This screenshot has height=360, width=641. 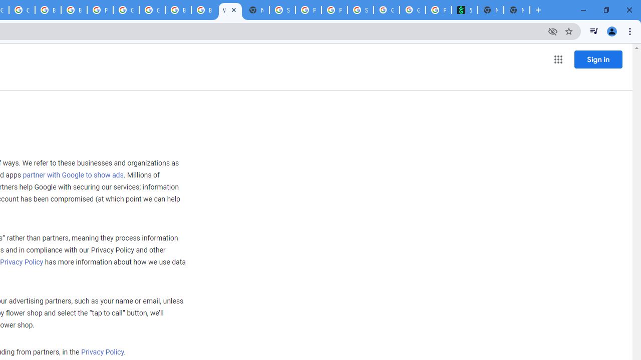 I want to click on 'partner with Google to show ads', so click(x=72, y=175).